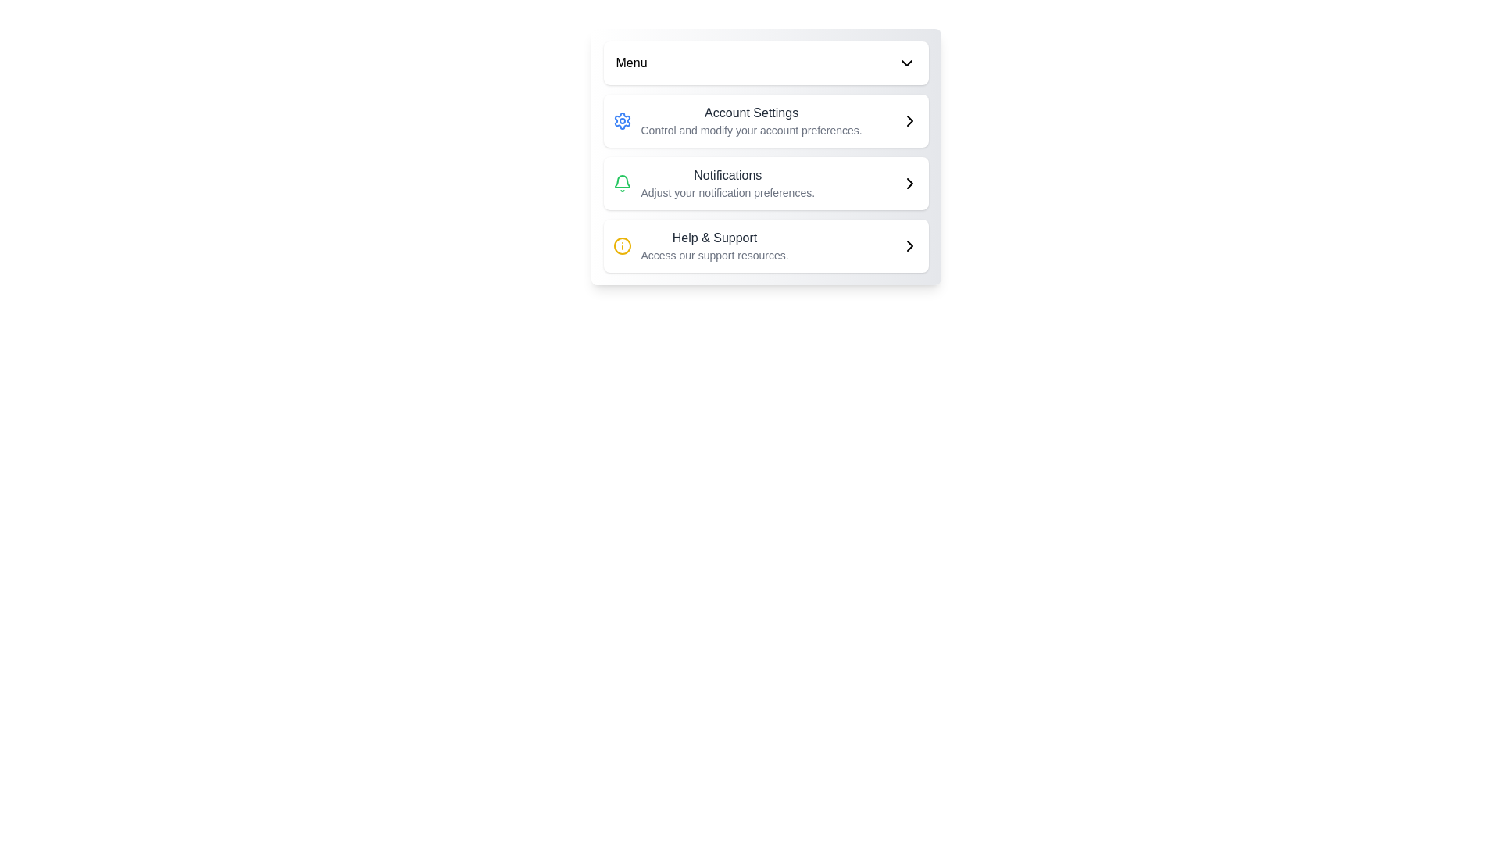  Describe the element at coordinates (909, 183) in the screenshot. I see `the chevron icon located at the rightmost side of the 'Notifications' row in the menu list, which indicates navigation to the detailed notification settings page` at that location.